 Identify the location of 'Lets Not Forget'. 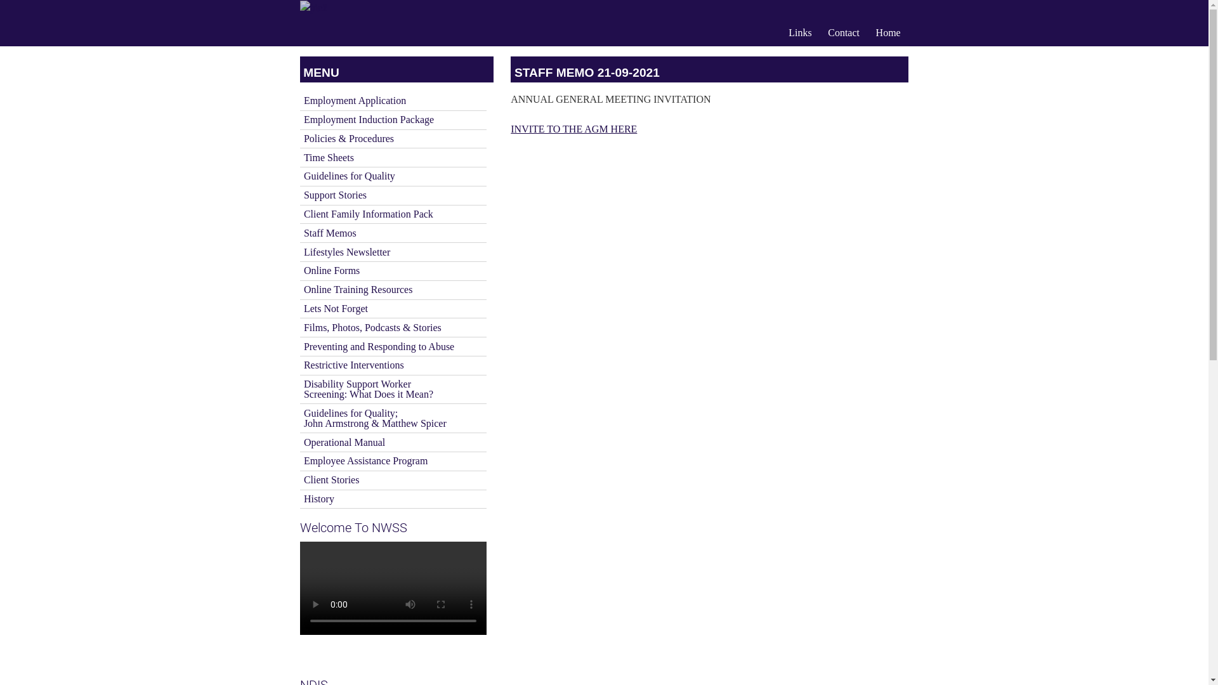
(392, 309).